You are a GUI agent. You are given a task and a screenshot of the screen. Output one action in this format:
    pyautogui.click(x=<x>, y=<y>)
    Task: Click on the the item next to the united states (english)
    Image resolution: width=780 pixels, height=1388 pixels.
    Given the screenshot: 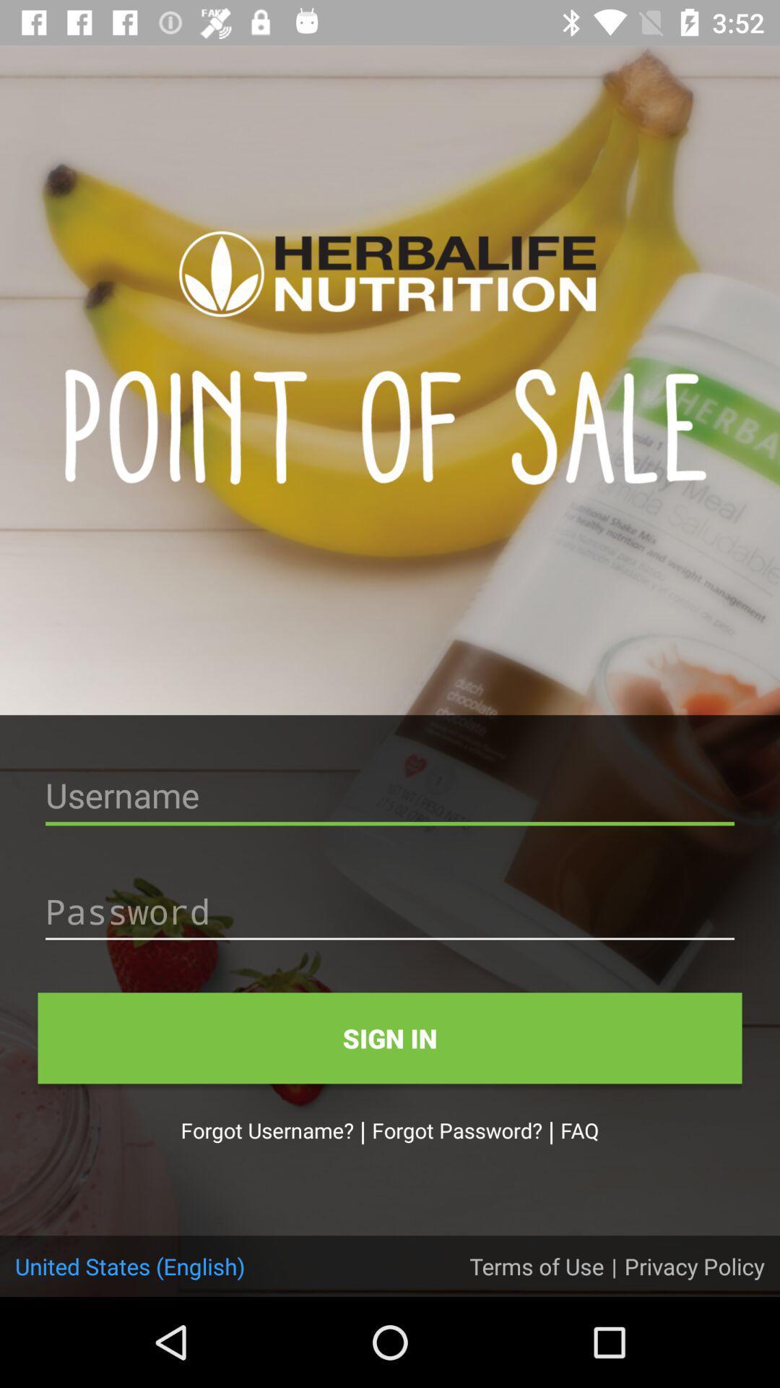 What is the action you would take?
    pyautogui.click(x=537, y=1265)
    